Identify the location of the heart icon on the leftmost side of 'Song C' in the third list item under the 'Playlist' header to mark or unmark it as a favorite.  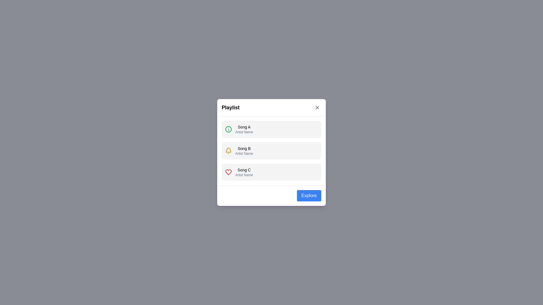
(228, 172).